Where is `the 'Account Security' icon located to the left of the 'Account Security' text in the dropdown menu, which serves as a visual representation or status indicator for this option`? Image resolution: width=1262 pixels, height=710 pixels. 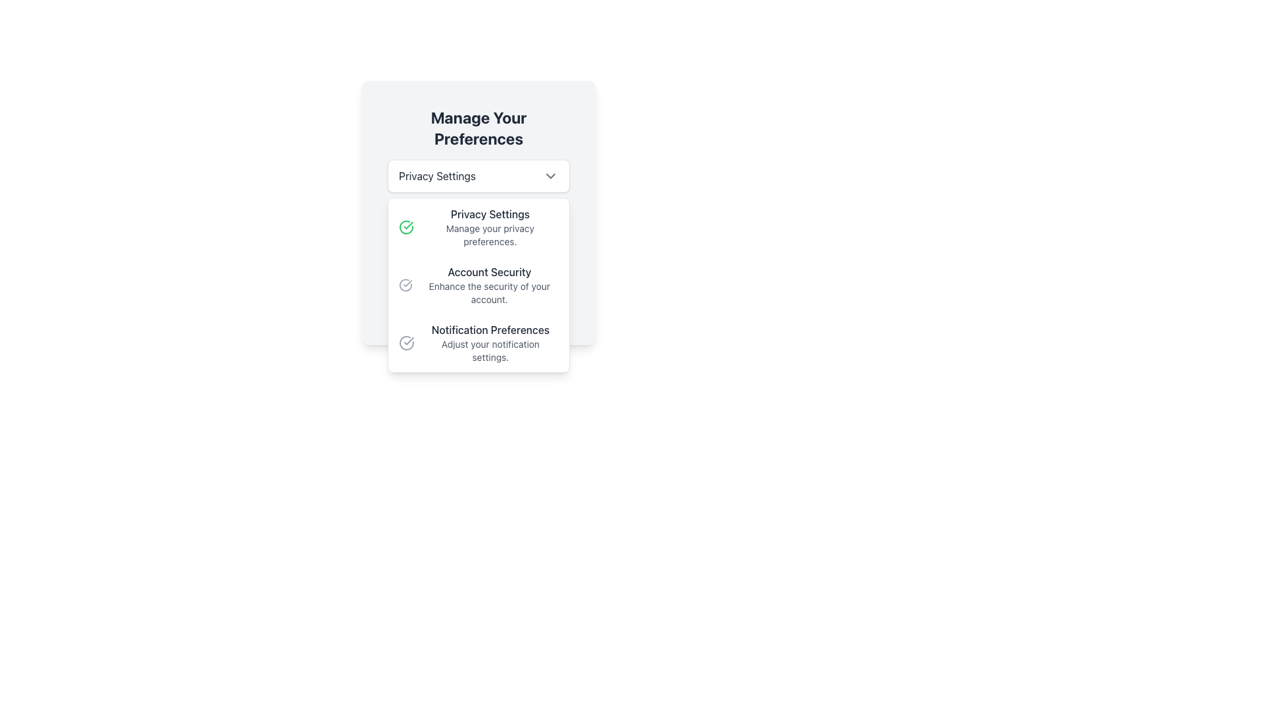
the 'Account Security' icon located to the left of the 'Account Security' text in the dropdown menu, which serves as a visual representation or status indicator for this option is located at coordinates (405, 285).